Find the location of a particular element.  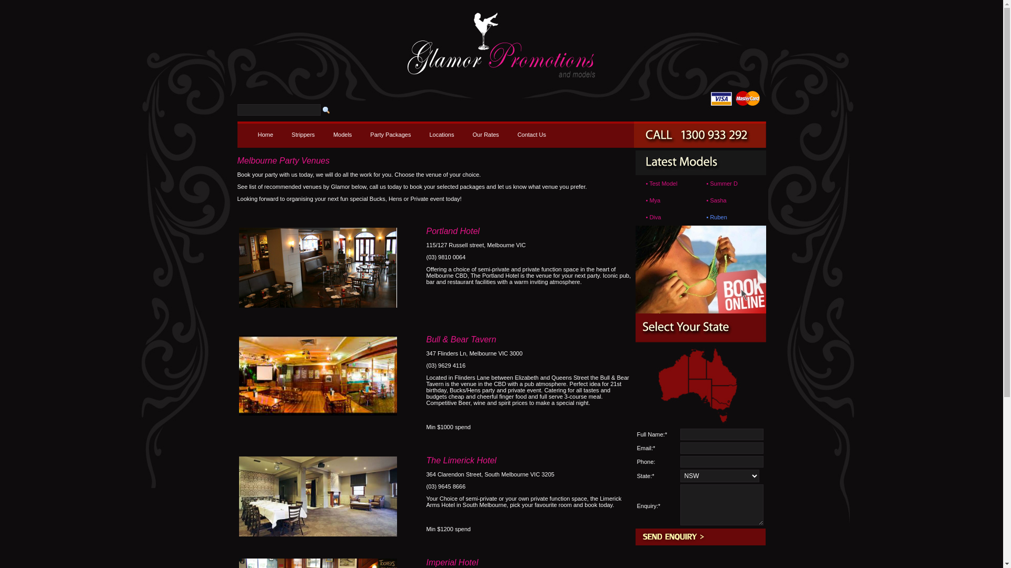

'Contact Us' is located at coordinates (531, 134).